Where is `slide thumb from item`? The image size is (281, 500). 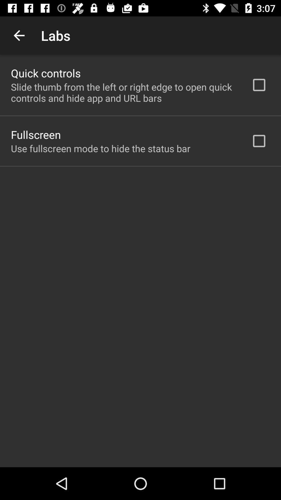 slide thumb from item is located at coordinates (124, 92).